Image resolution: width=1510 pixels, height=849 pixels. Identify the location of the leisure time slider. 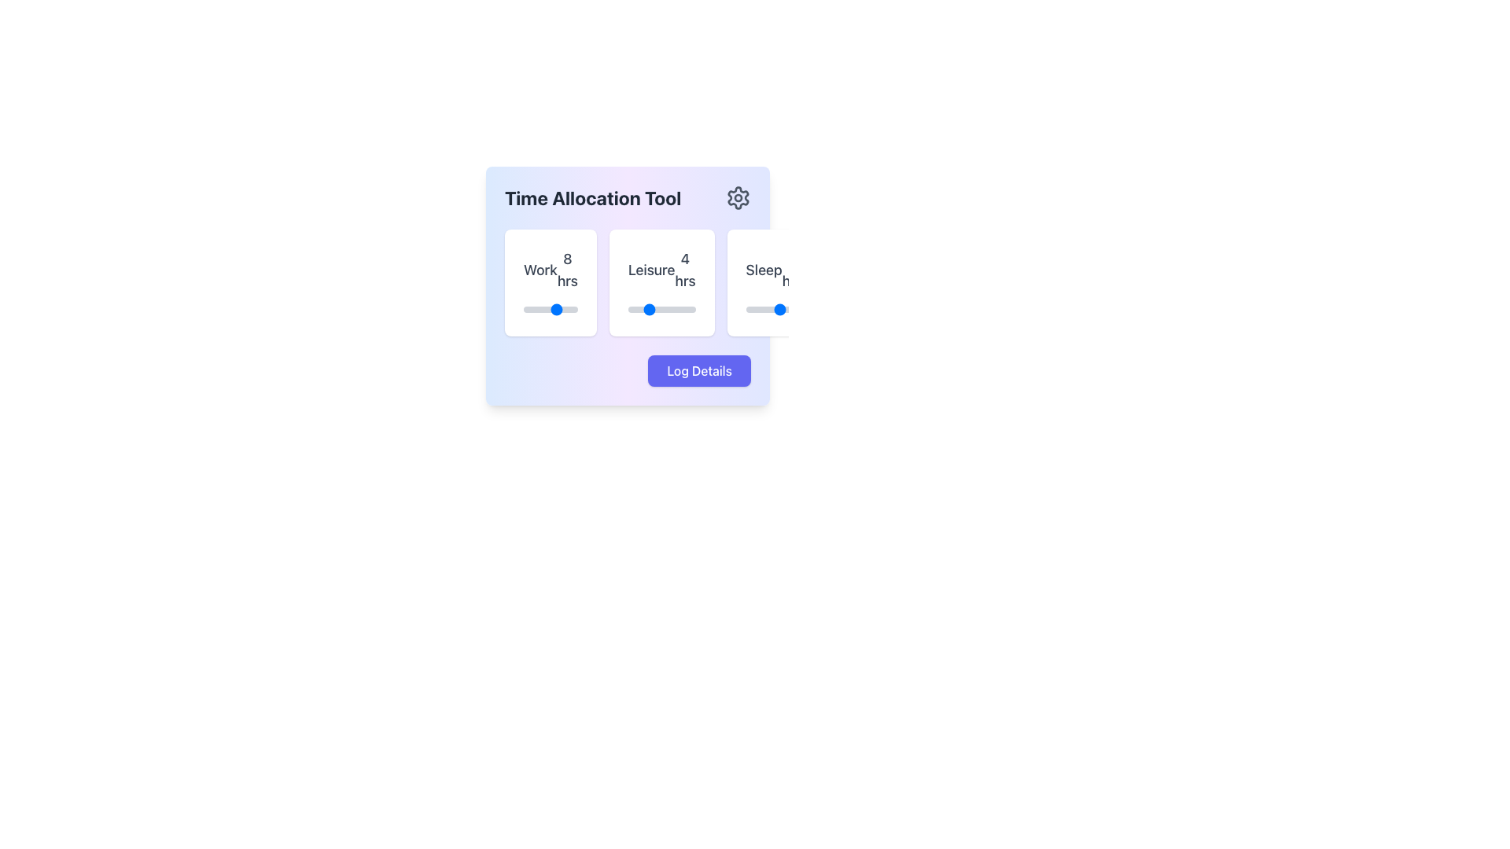
(671, 309).